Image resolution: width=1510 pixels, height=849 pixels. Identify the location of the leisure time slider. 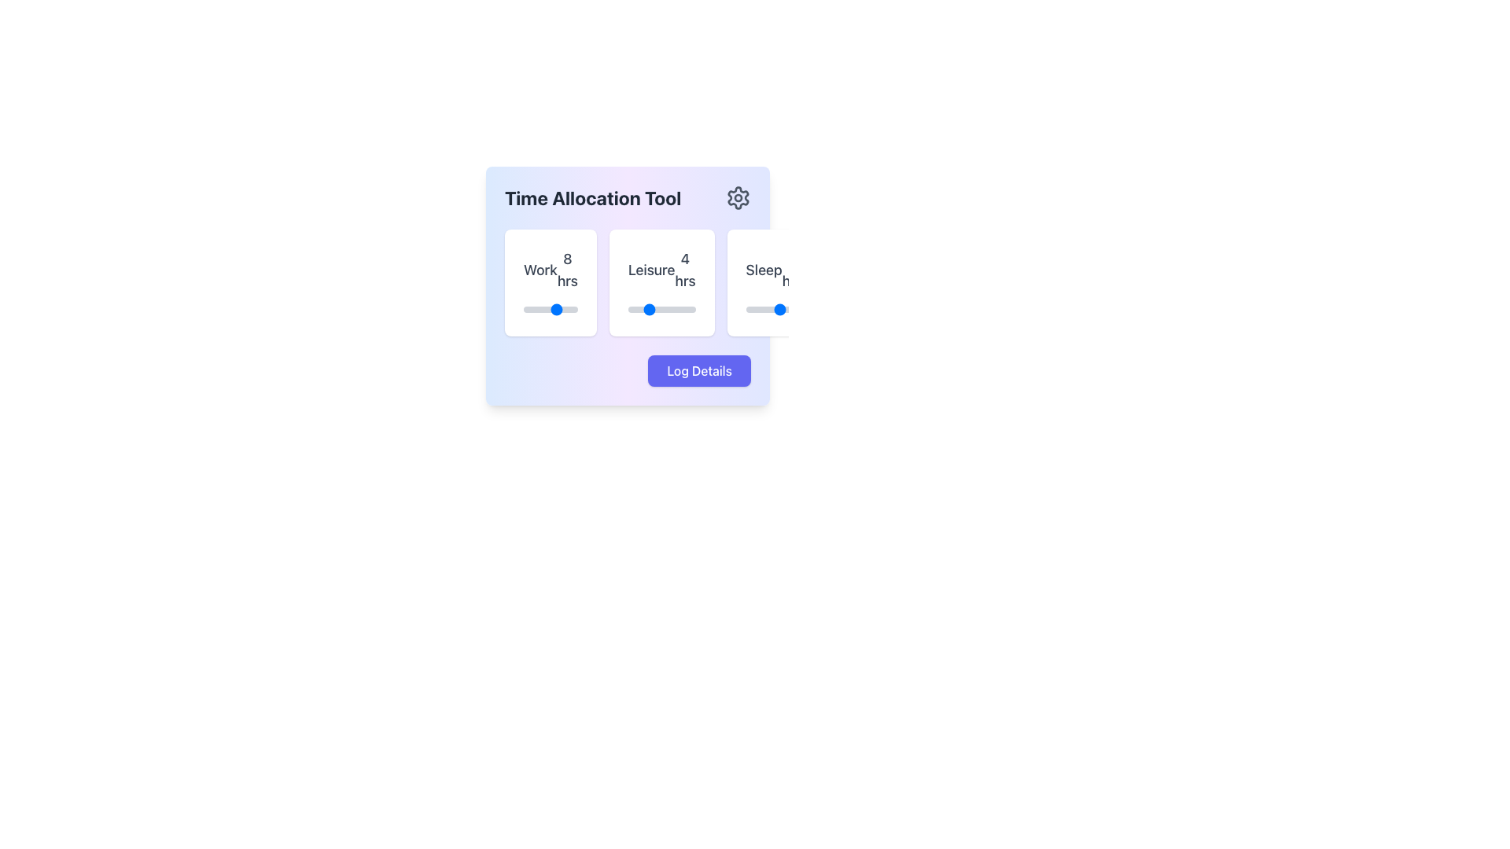
(671, 309).